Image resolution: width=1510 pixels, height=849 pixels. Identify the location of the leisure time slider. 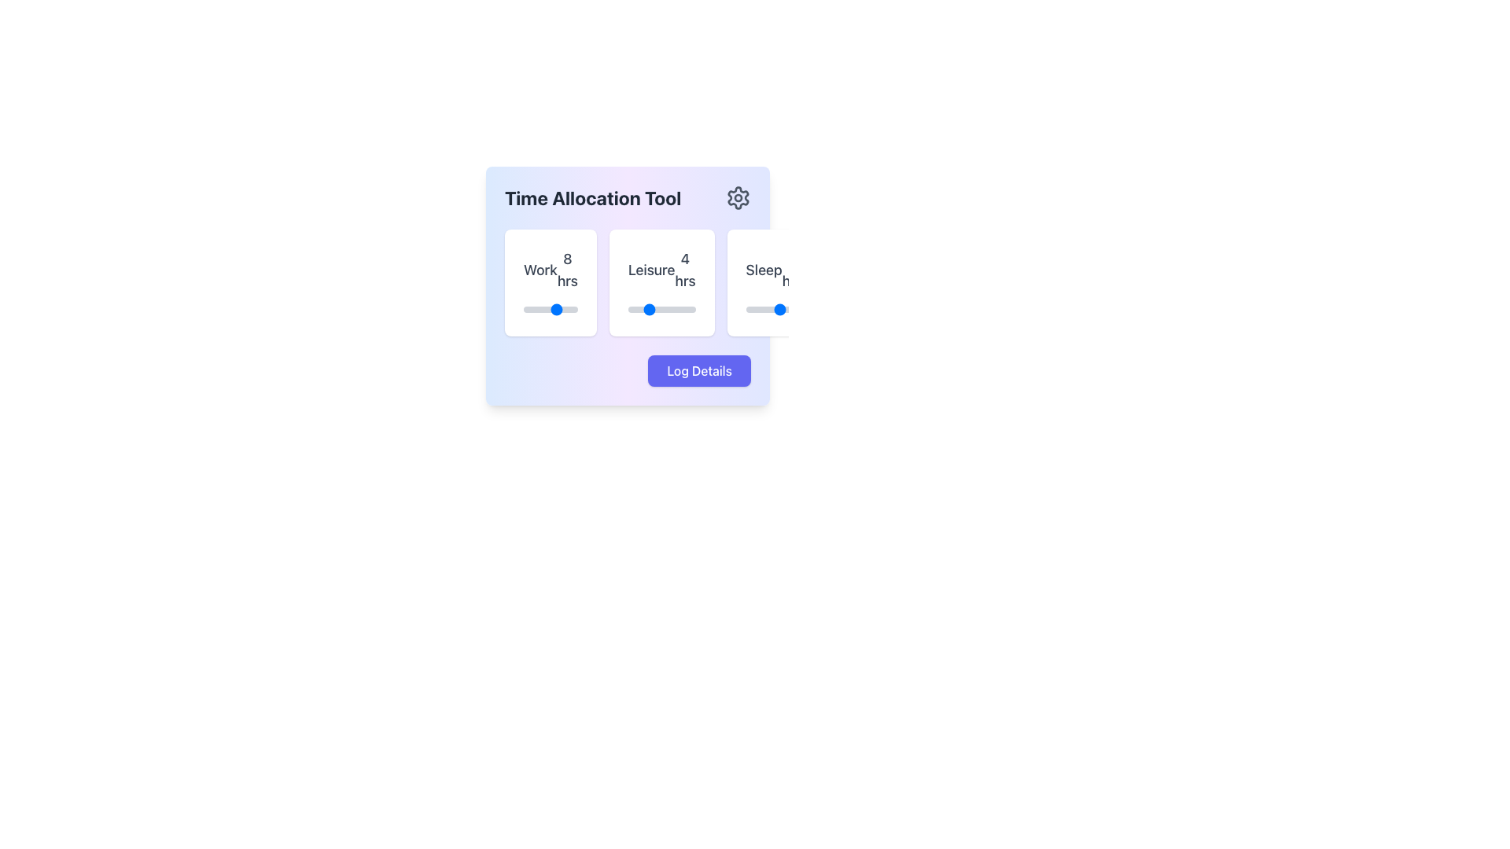
(671, 309).